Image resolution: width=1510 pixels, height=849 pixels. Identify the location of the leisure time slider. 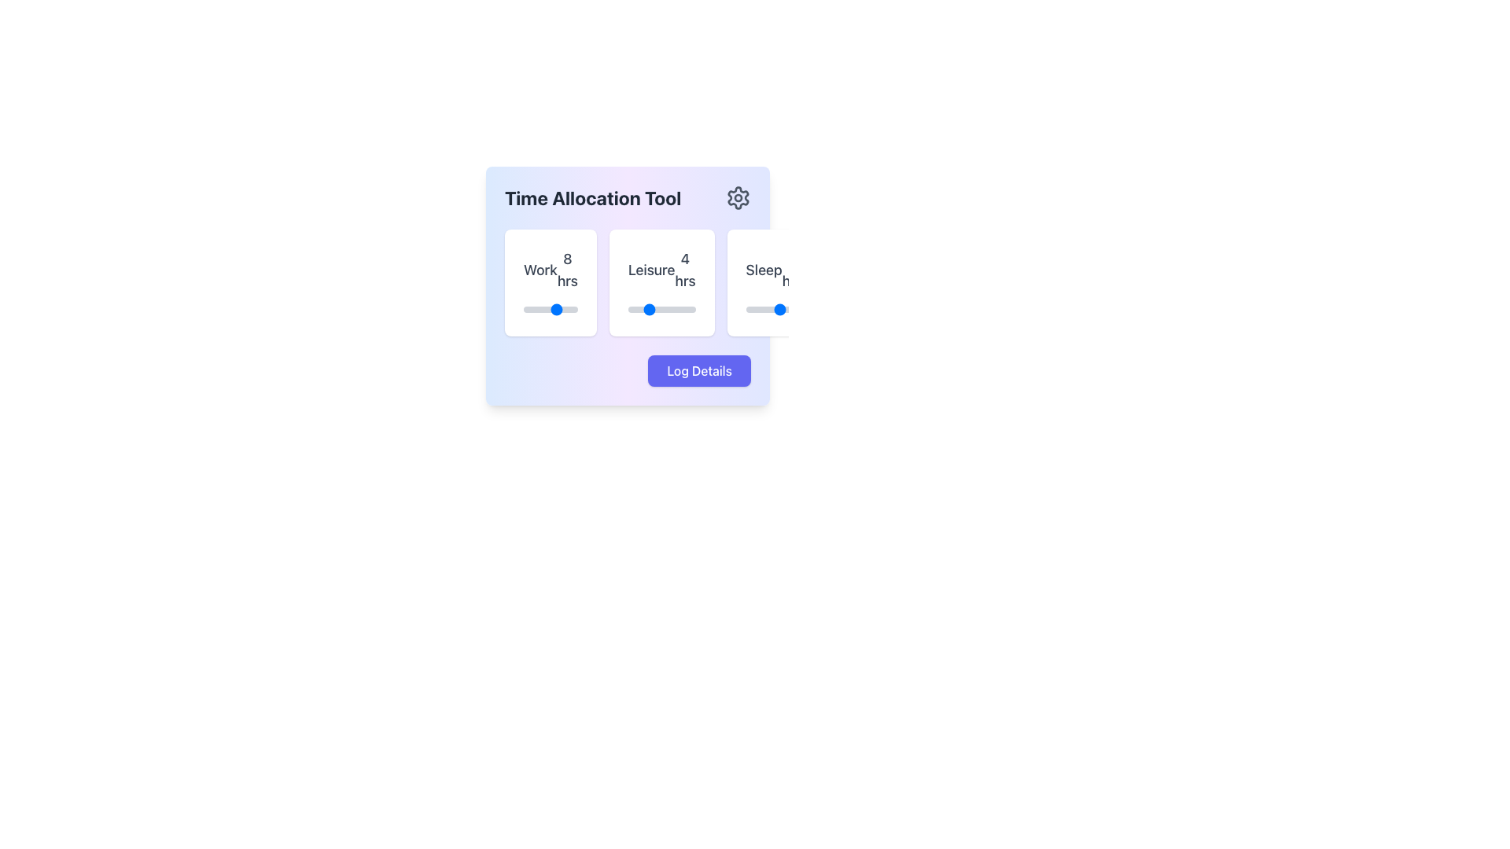
(671, 309).